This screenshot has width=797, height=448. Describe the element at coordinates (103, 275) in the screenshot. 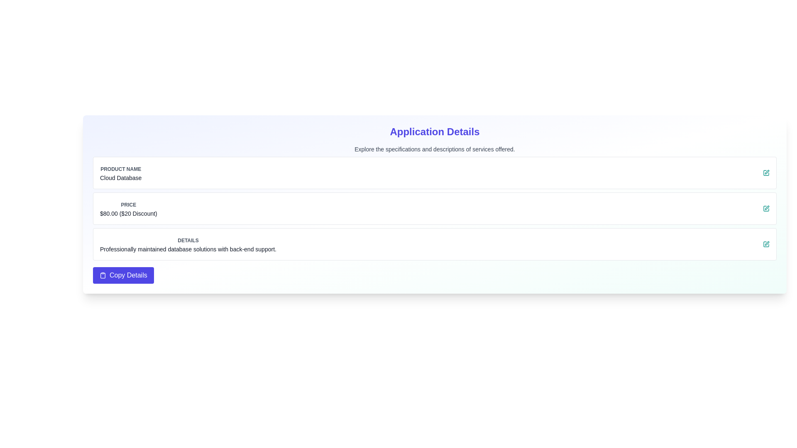

I see `the 'Copy Details' button icon located at the bottom left corner of the form, which visually indicates the function of copying associated details` at that location.